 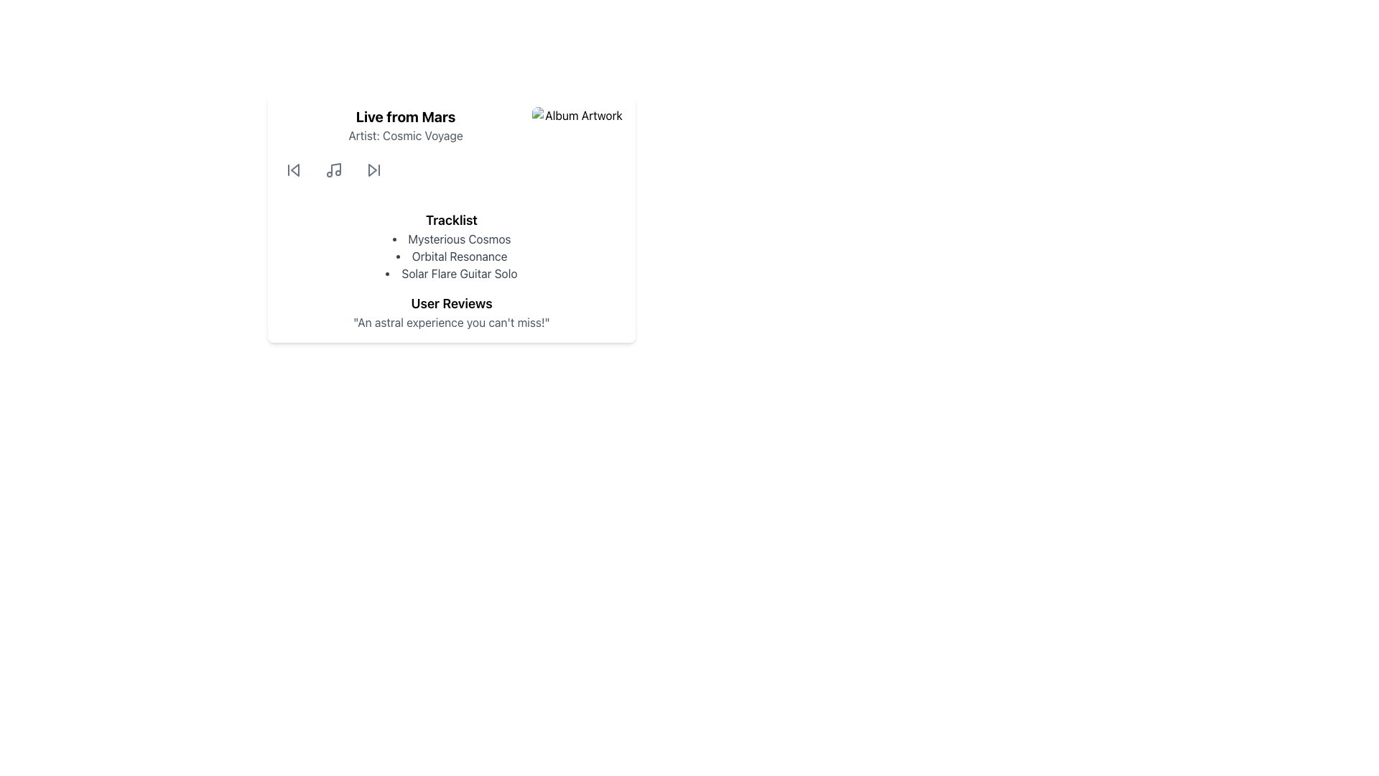 What do you see at coordinates (335, 168) in the screenshot?
I see `the vertical line and curve of the music note SVG icon, which is a subcomponent of the musical note icon indicating music-related functionality` at bounding box center [335, 168].